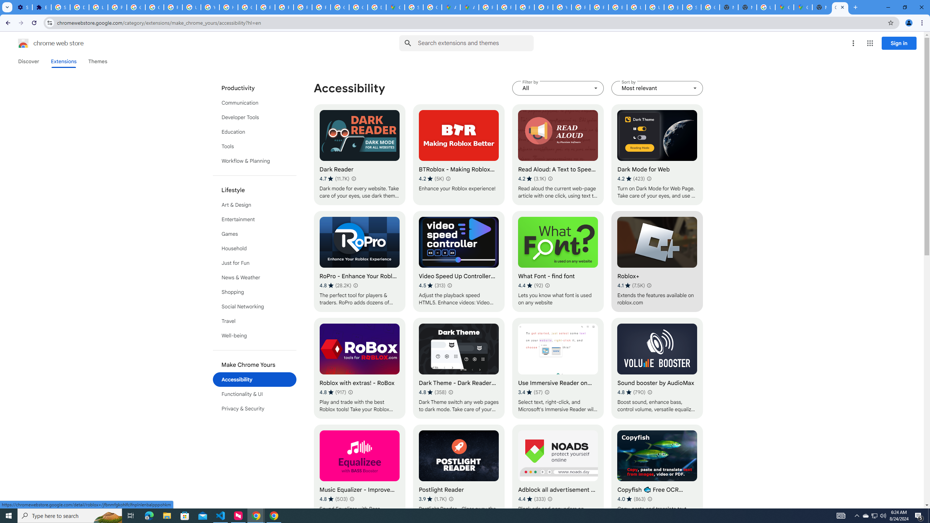  I want to click on 'Average rating 4.8 out of 5 stars. 503 ratings.', so click(333, 498).